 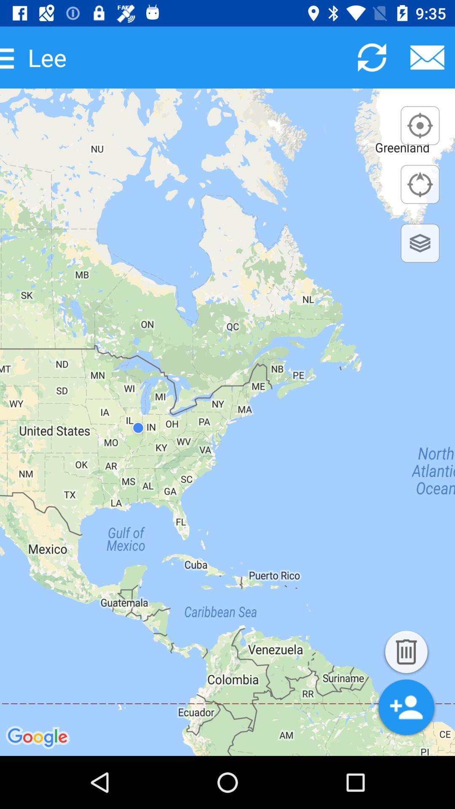 What do you see at coordinates (372, 57) in the screenshot?
I see `reload page` at bounding box center [372, 57].